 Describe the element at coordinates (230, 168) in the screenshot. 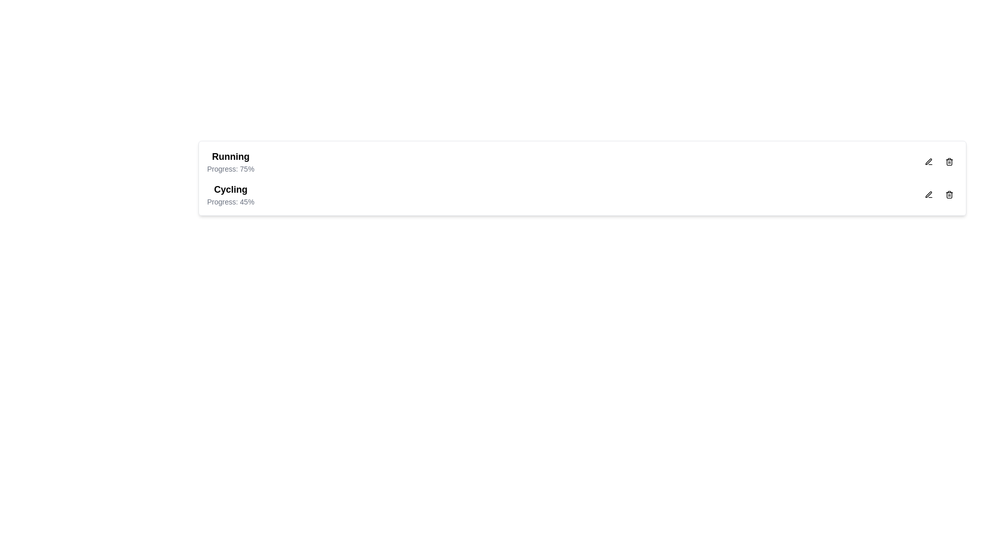

I see `the Text Label displaying the progress percentage (75%) for 'Running', which is located beneath the title 'Running' in the first section of a vertically arranged list` at that location.